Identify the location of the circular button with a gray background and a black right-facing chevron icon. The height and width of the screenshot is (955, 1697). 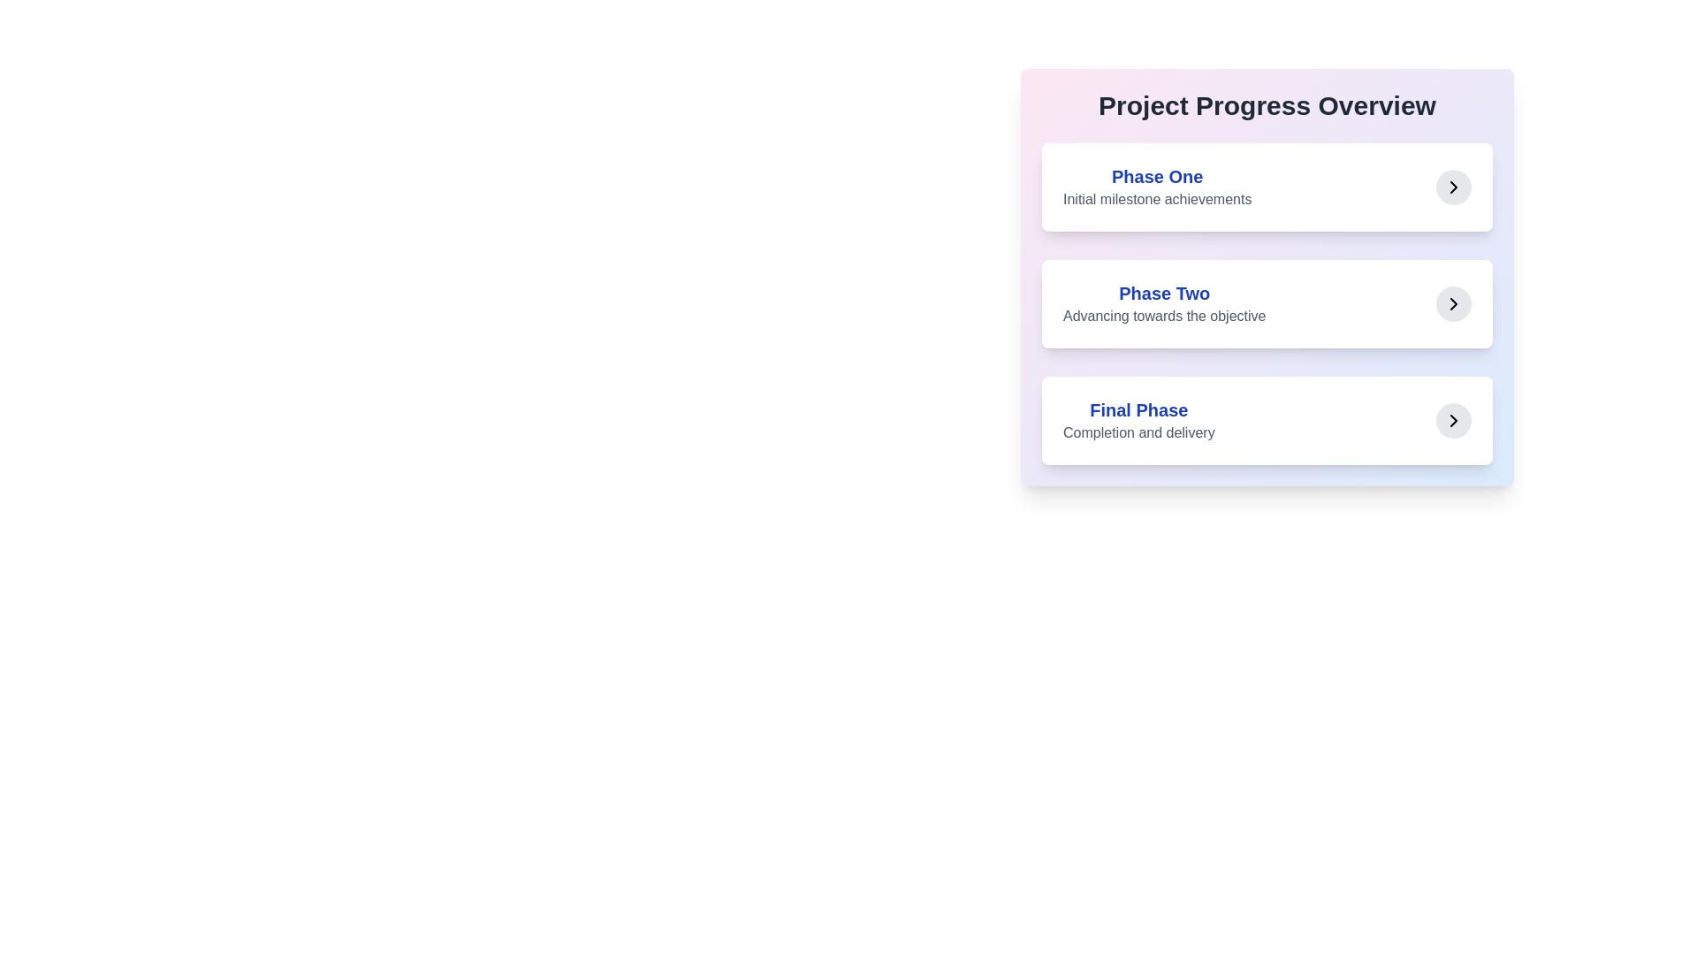
(1454, 187).